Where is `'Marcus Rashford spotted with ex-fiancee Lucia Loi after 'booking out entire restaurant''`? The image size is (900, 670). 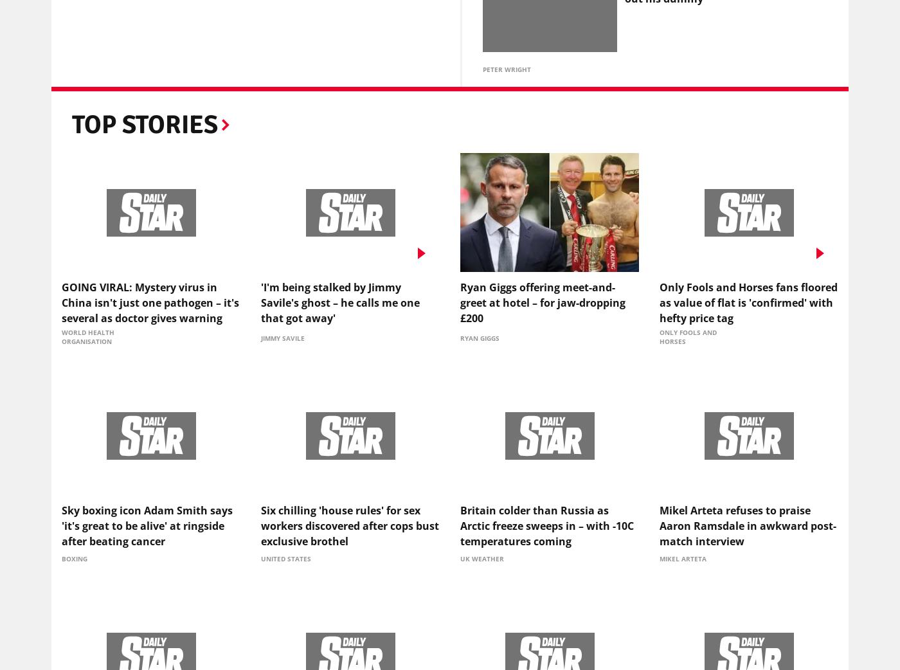
'Marcus Rashford spotted with ex-fiancee Lucia Loi after 'booking out entire restaurant'' is located at coordinates (730, 236).